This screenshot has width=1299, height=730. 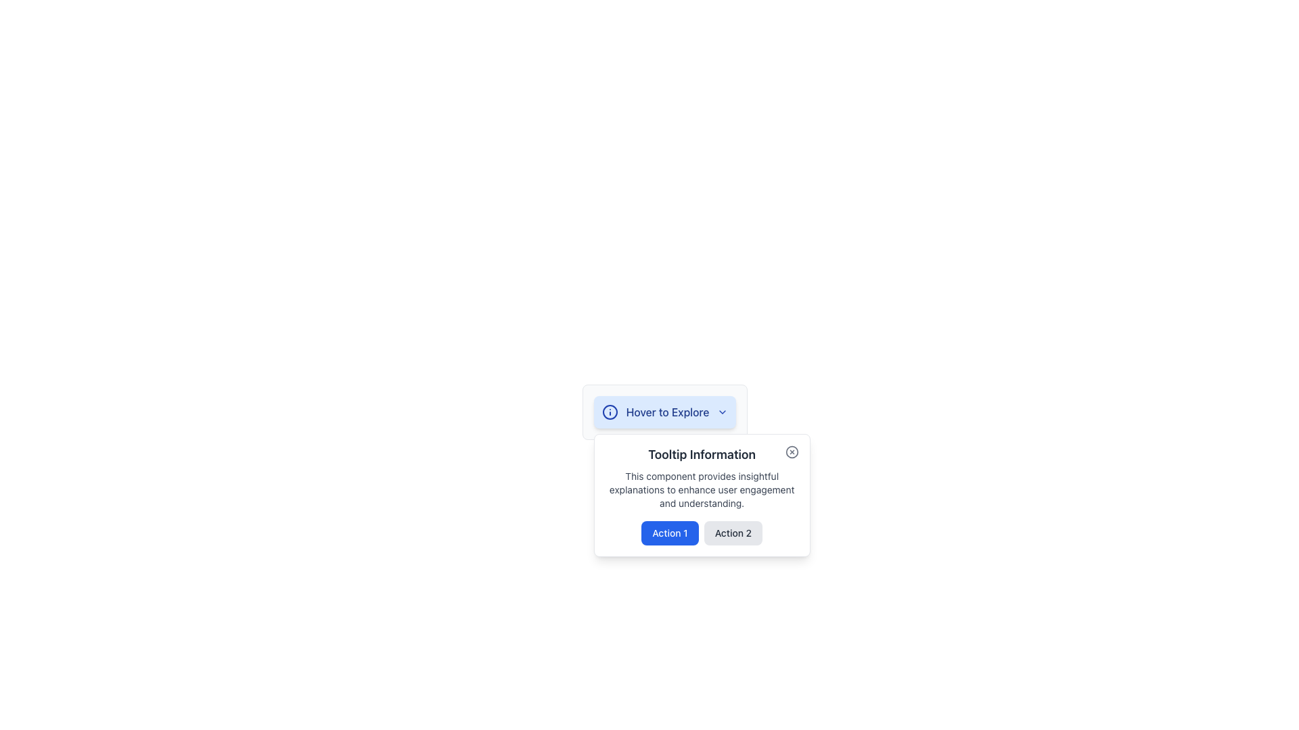 I want to click on the text display element that provides descriptive information within the 'Tooltip Information' section, located between the header and the buttons labeled 'Action 1' and 'Action 2', so click(x=702, y=490).